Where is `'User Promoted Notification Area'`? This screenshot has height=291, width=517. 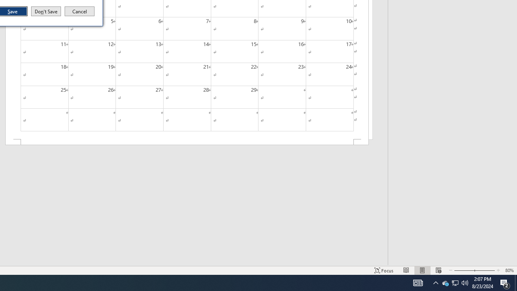 'User Promoted Notification Area' is located at coordinates (455, 282).